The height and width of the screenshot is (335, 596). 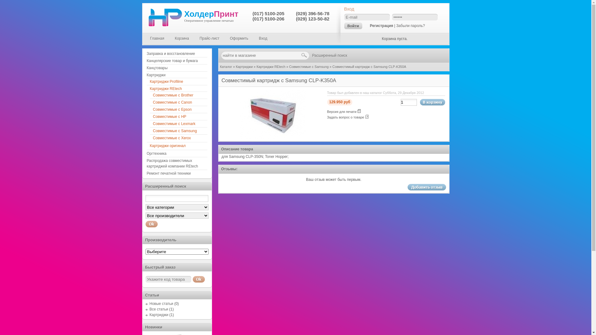 I want to click on '******', so click(x=391, y=17).